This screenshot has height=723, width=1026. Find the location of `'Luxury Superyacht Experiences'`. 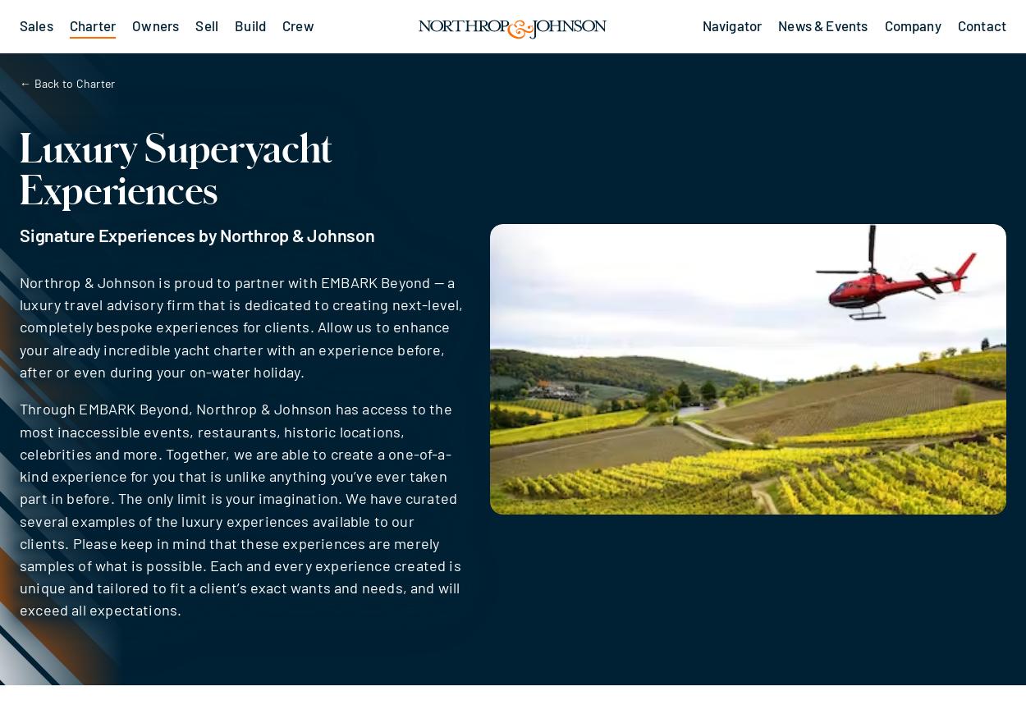

'Luxury Superyacht Experiences' is located at coordinates (175, 167).